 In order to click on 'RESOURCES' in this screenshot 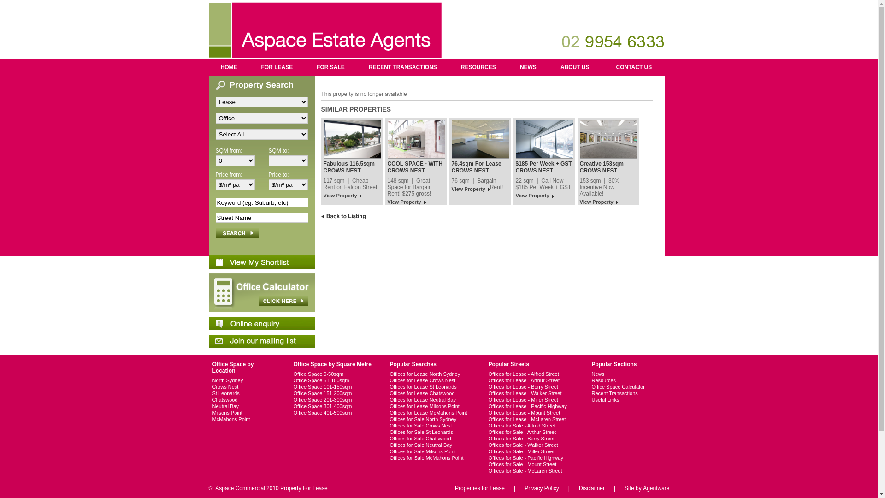, I will do `click(478, 67)`.